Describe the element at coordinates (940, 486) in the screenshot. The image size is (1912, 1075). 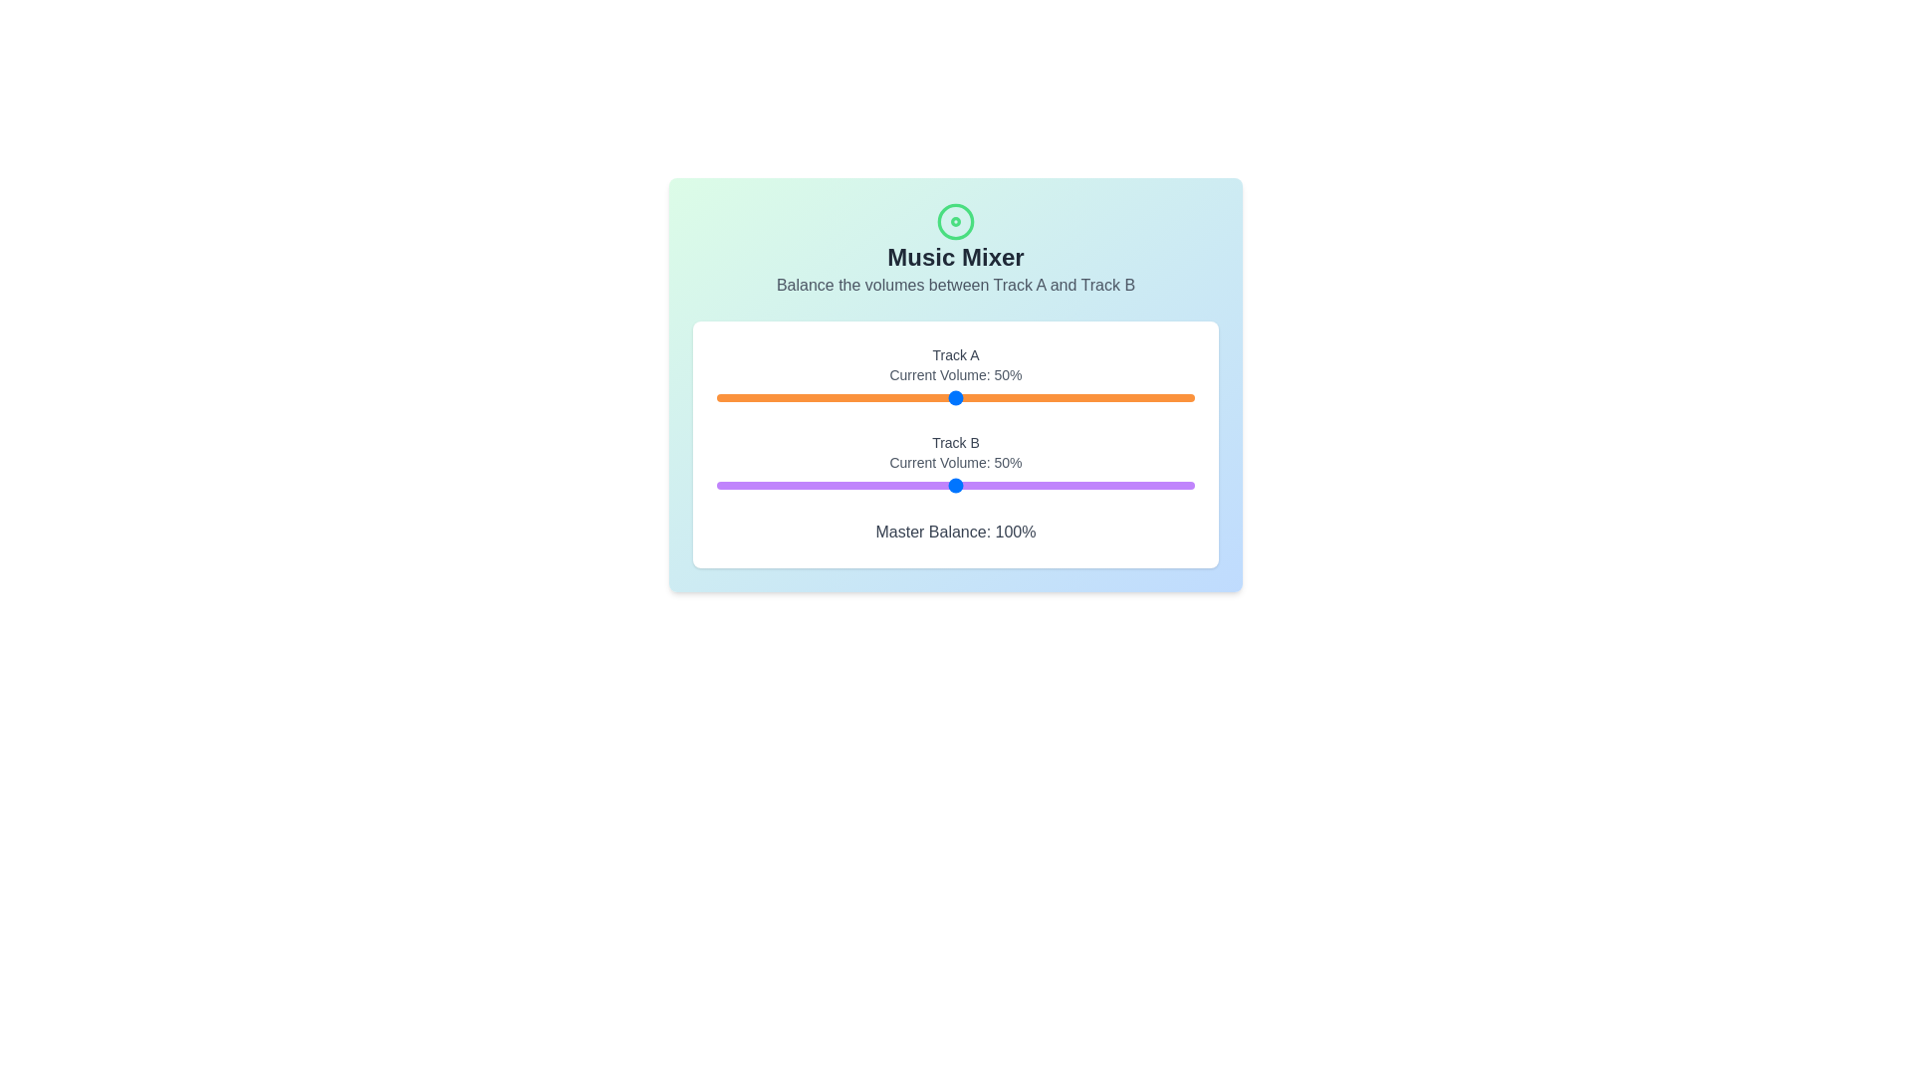
I see `the volume slider for Track B to 47%` at that location.